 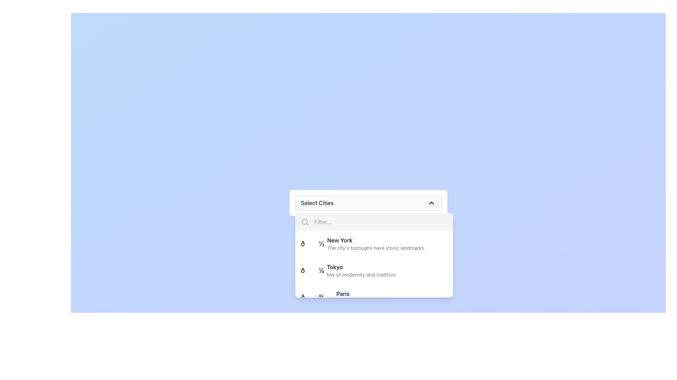 I want to click on the text 'Paris' in bold, dark-gray font located in the dropdown menu, so click(x=363, y=293).